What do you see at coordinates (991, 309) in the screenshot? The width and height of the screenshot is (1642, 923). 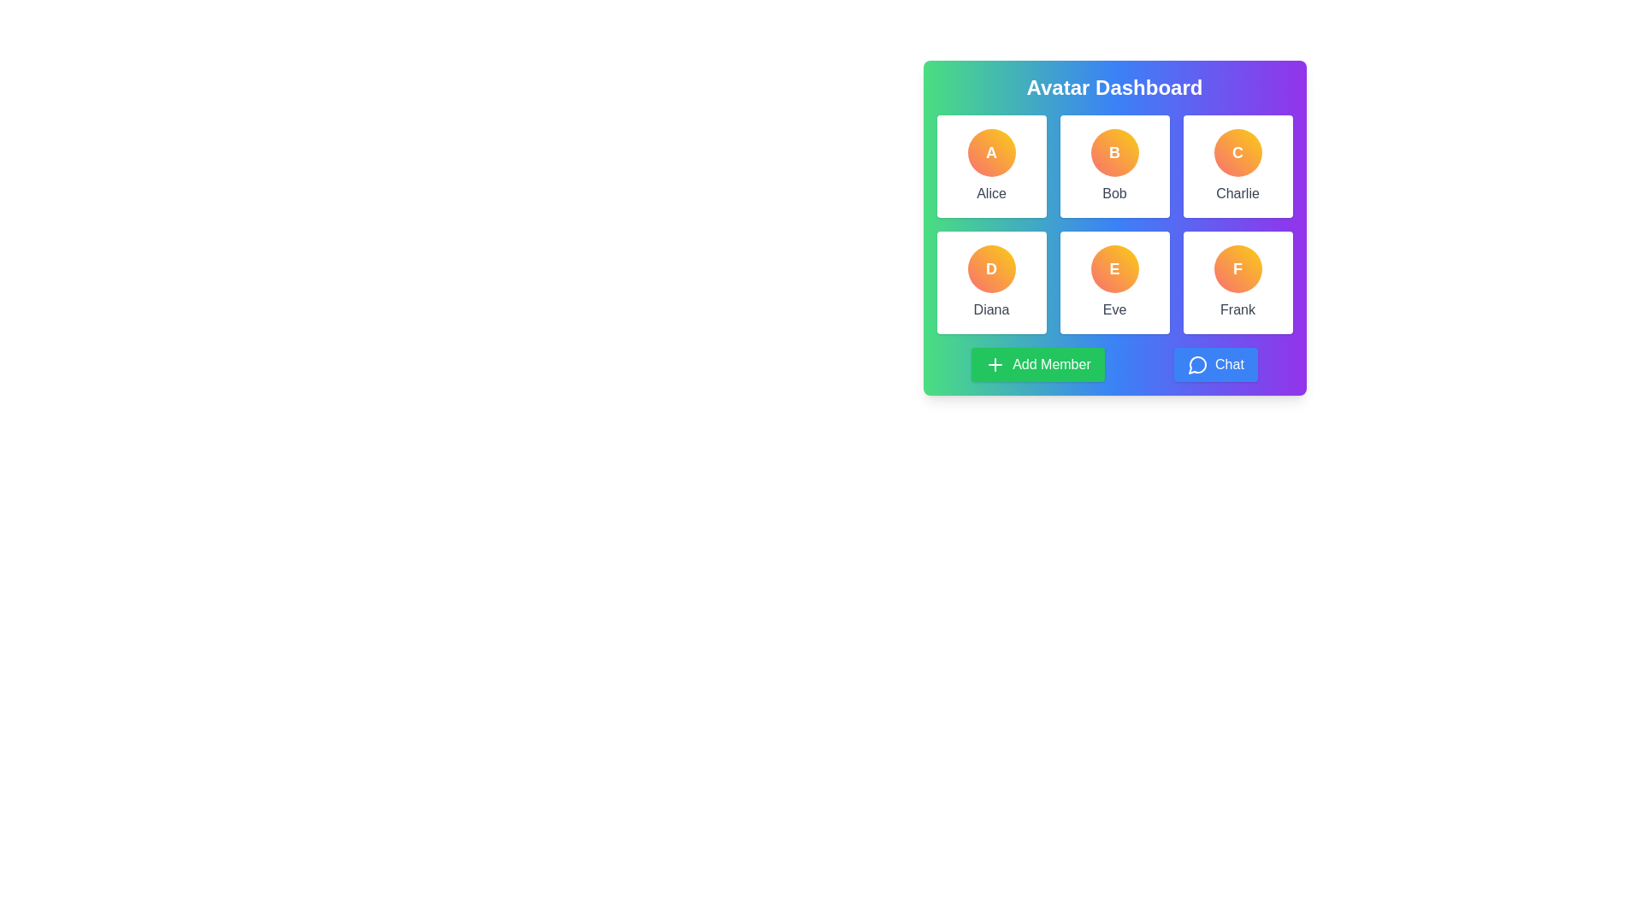 I see `the text label indicating the name 'Diana' beneath the circular avatar with the letter 'D', located in the leftmost column of the second row in the grid layout of the Avatar Dashboard` at bounding box center [991, 309].